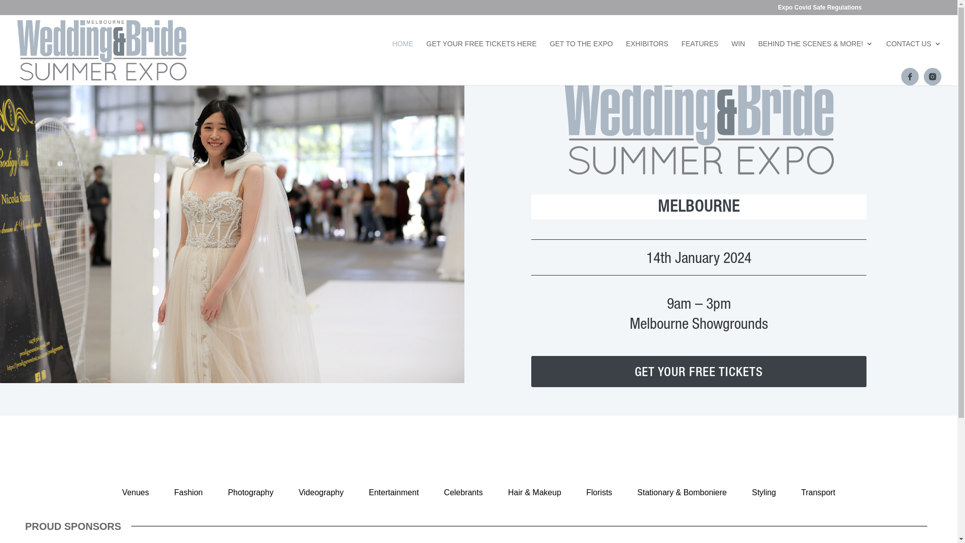 The width and height of the screenshot is (965, 543). I want to click on 'Styling', so click(764, 492).